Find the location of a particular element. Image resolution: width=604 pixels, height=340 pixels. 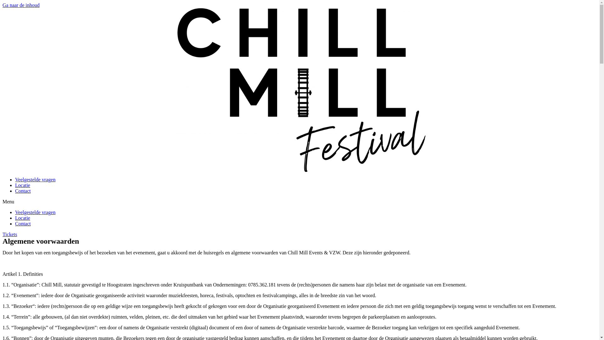

'Tickets' is located at coordinates (10, 234).